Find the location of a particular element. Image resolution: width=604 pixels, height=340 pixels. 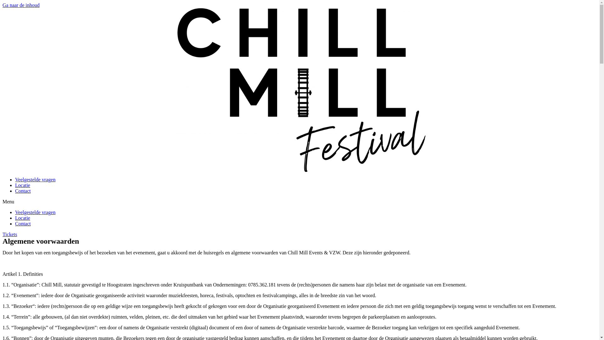

'Tickets' is located at coordinates (10, 234).